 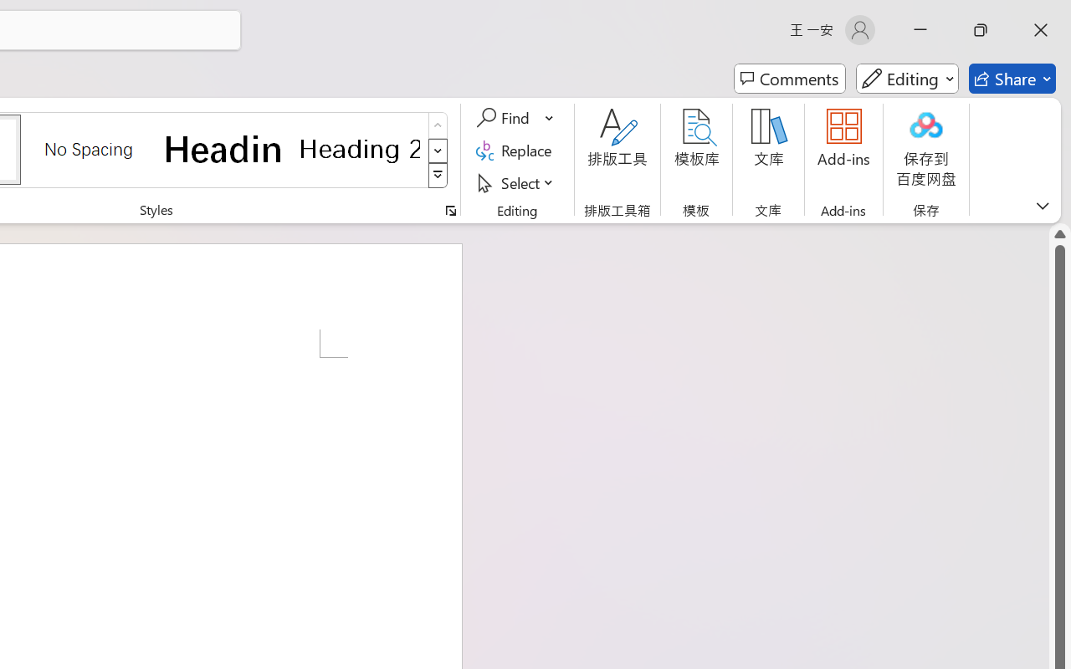 What do you see at coordinates (359, 148) in the screenshot?
I see `'Heading 2'` at bounding box center [359, 148].